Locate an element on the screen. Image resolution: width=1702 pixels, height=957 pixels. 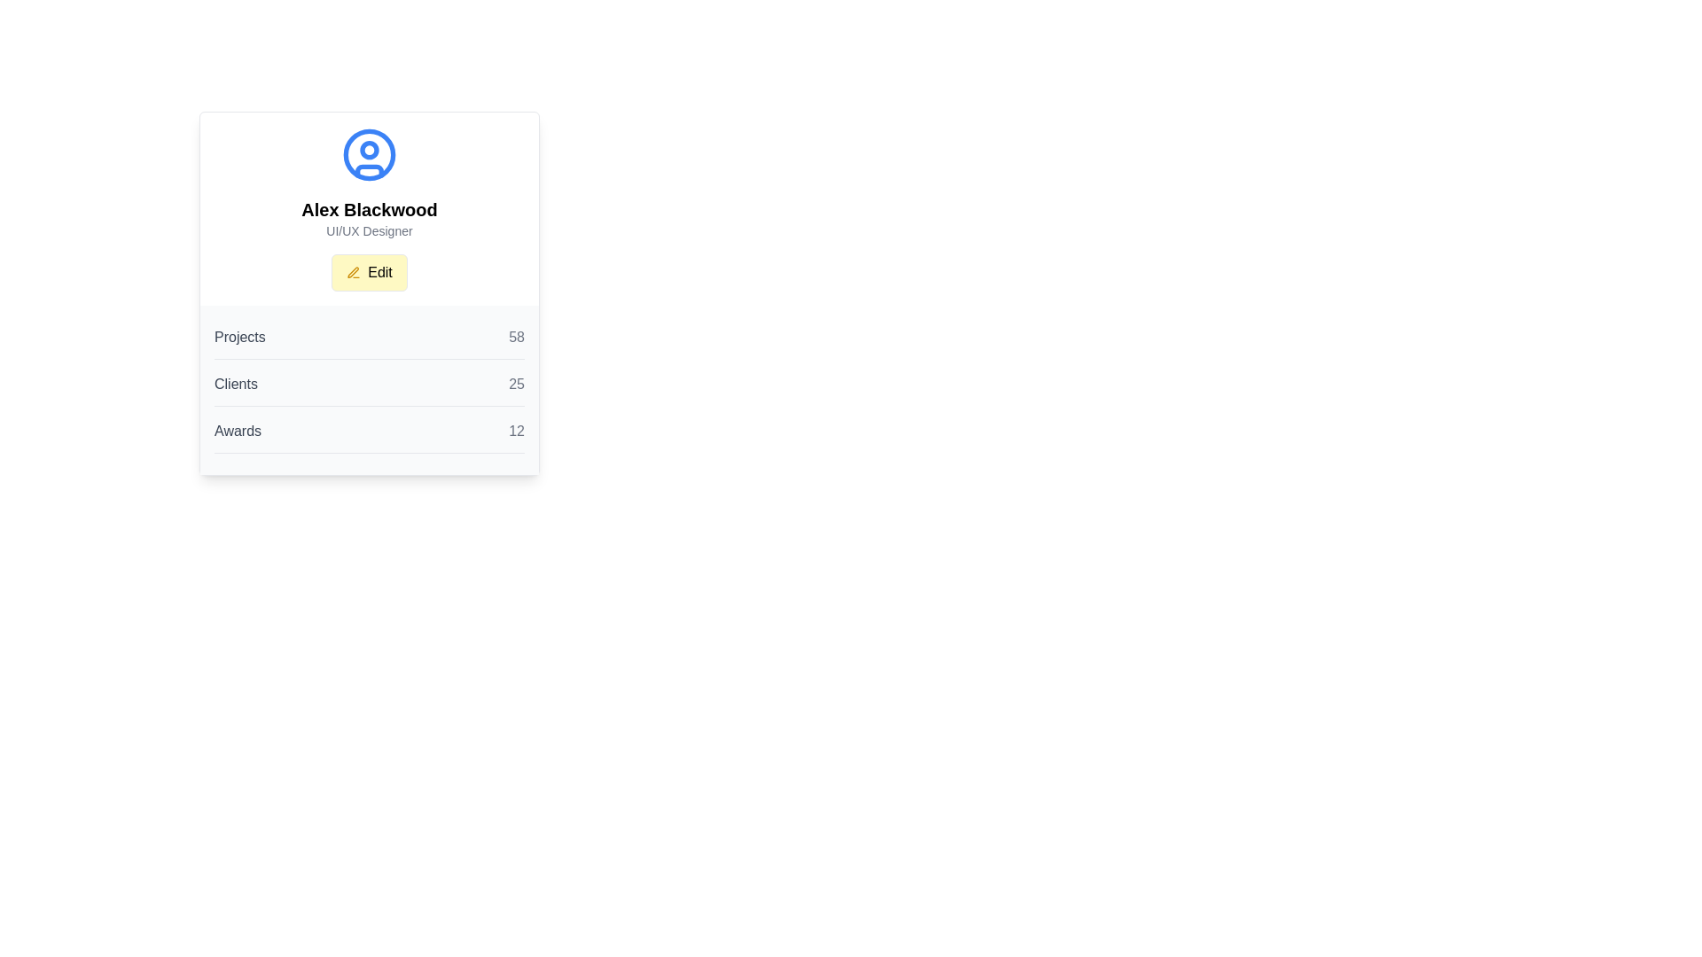
the edit icon located in the center of the yellow rectangular button labeled 'Edit', which is positioned below the name 'Alex Blackwood' and the title 'UI/UX Designer' is located at coordinates (353, 272).